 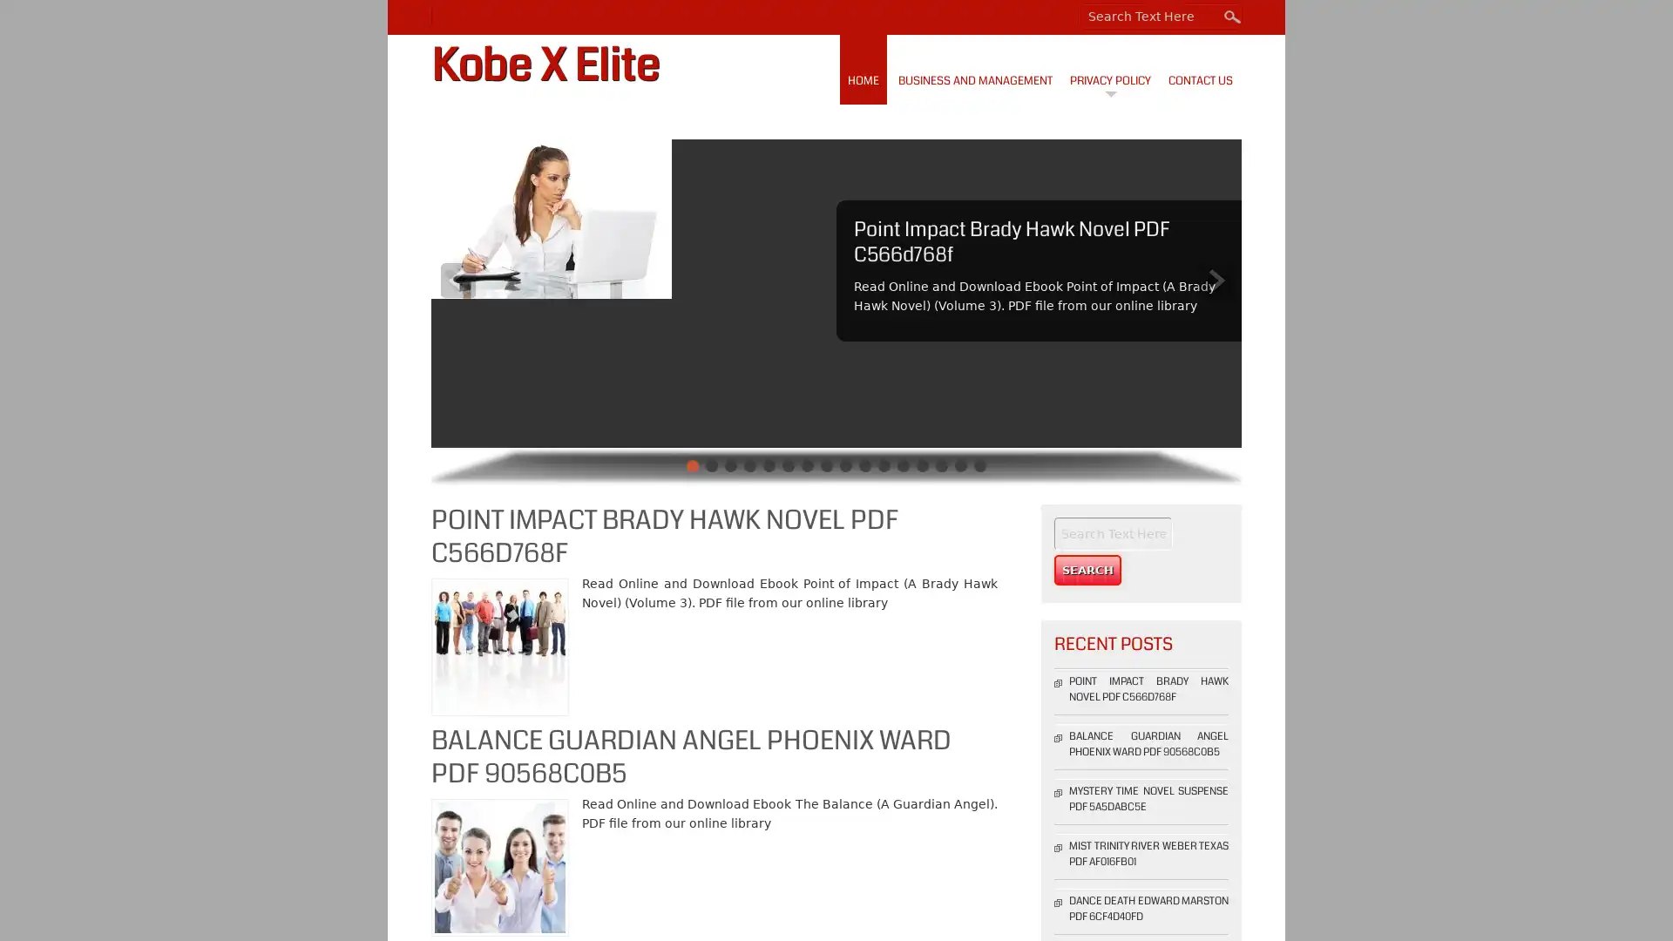 What do you see at coordinates (1087, 570) in the screenshot?
I see `Search` at bounding box center [1087, 570].